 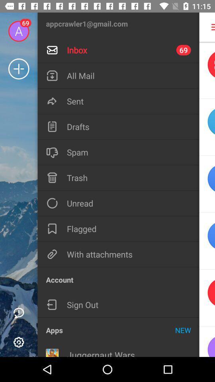 What do you see at coordinates (207, 241) in the screenshot?
I see `the arrow_backward icon` at bounding box center [207, 241].